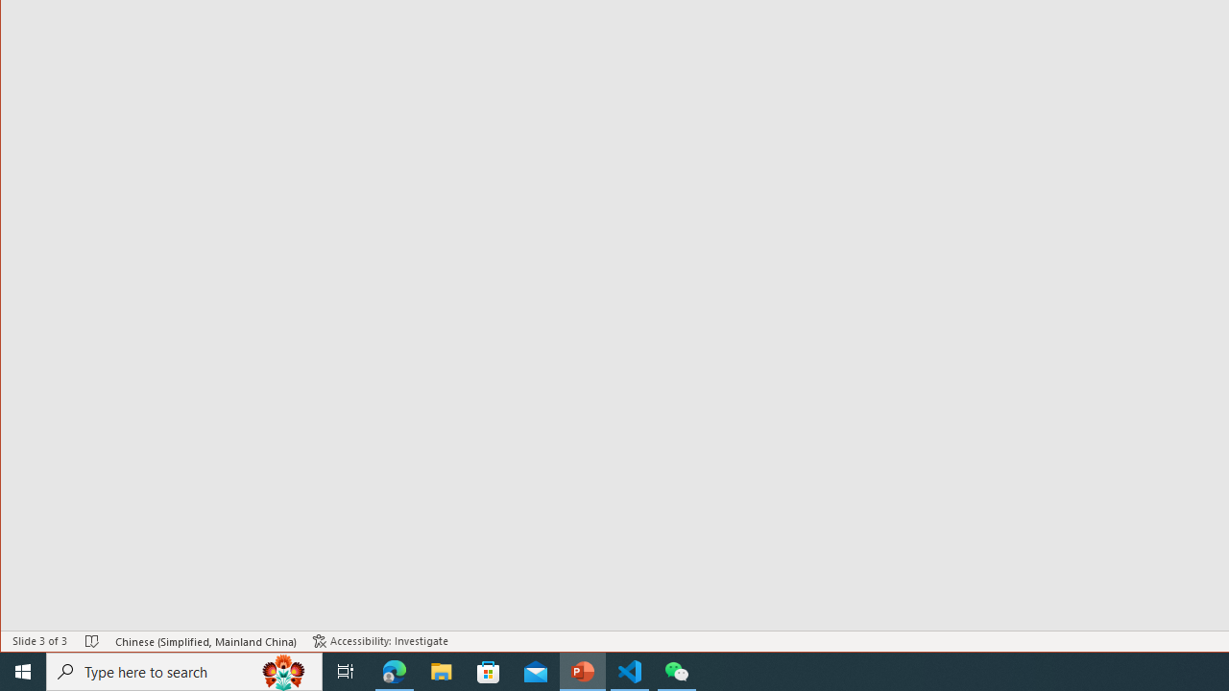 Image resolution: width=1229 pixels, height=691 pixels. I want to click on 'WeChat - 1 running window', so click(677, 670).